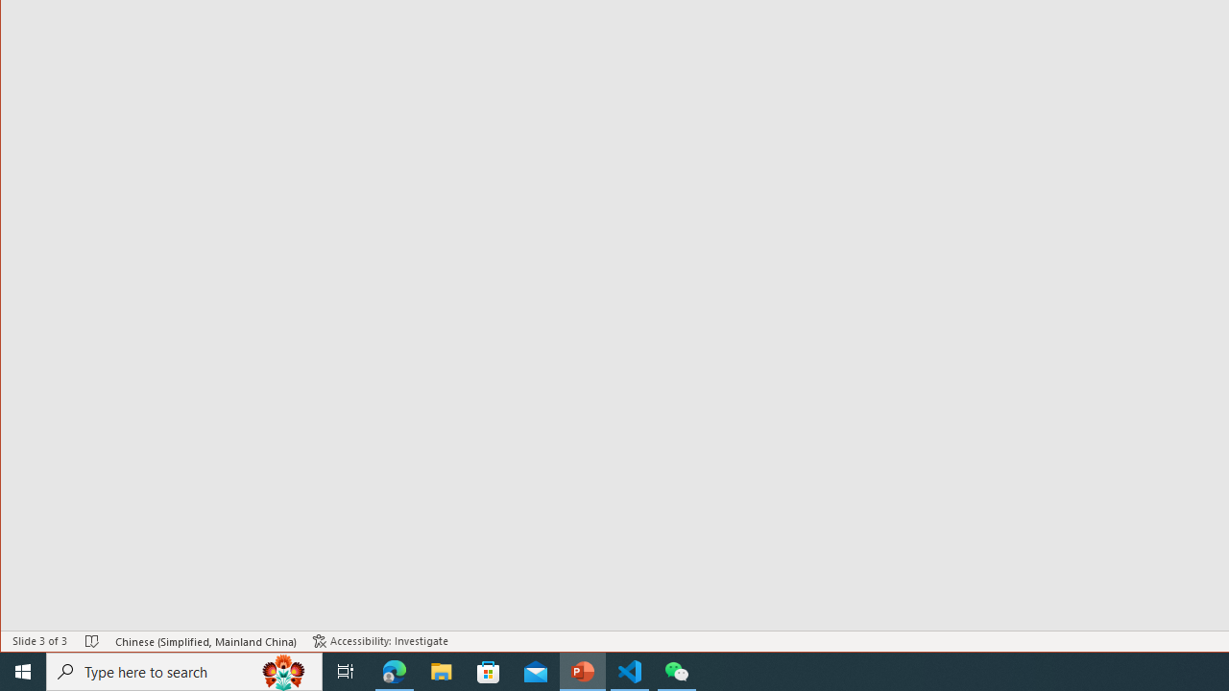 Image resolution: width=1229 pixels, height=691 pixels. I want to click on 'WeChat - 1 running window', so click(677, 670).